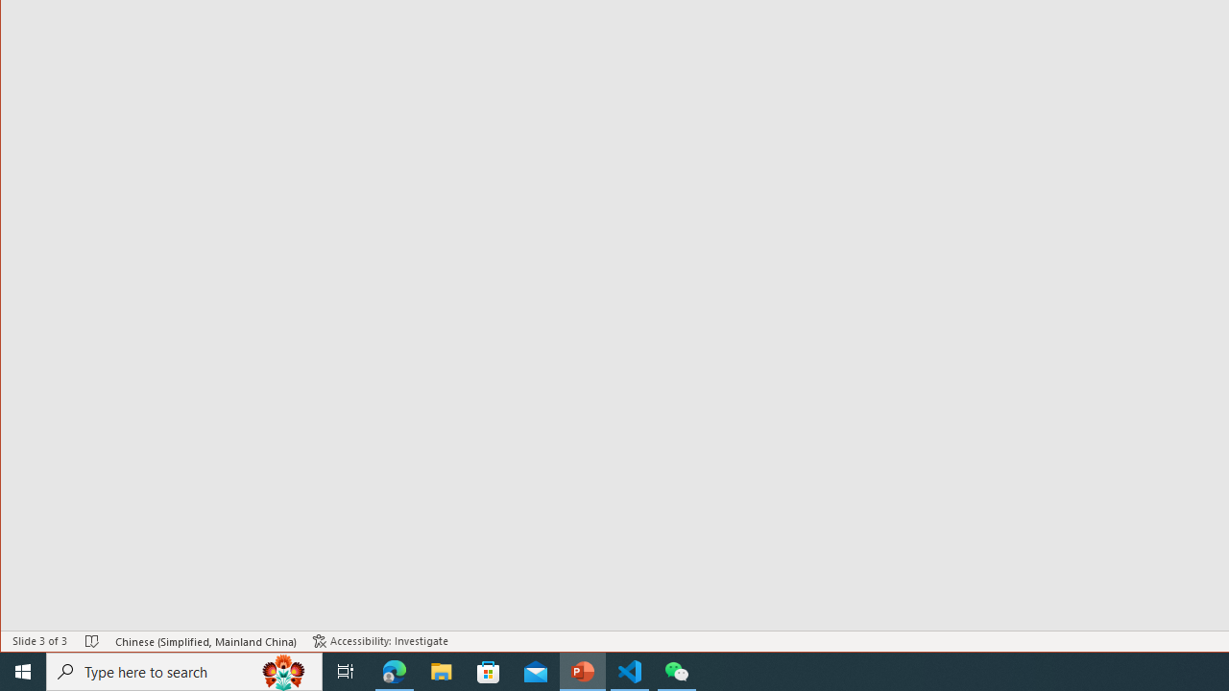 Image resolution: width=1229 pixels, height=691 pixels. I want to click on 'WeChat - 1 running window', so click(677, 670).